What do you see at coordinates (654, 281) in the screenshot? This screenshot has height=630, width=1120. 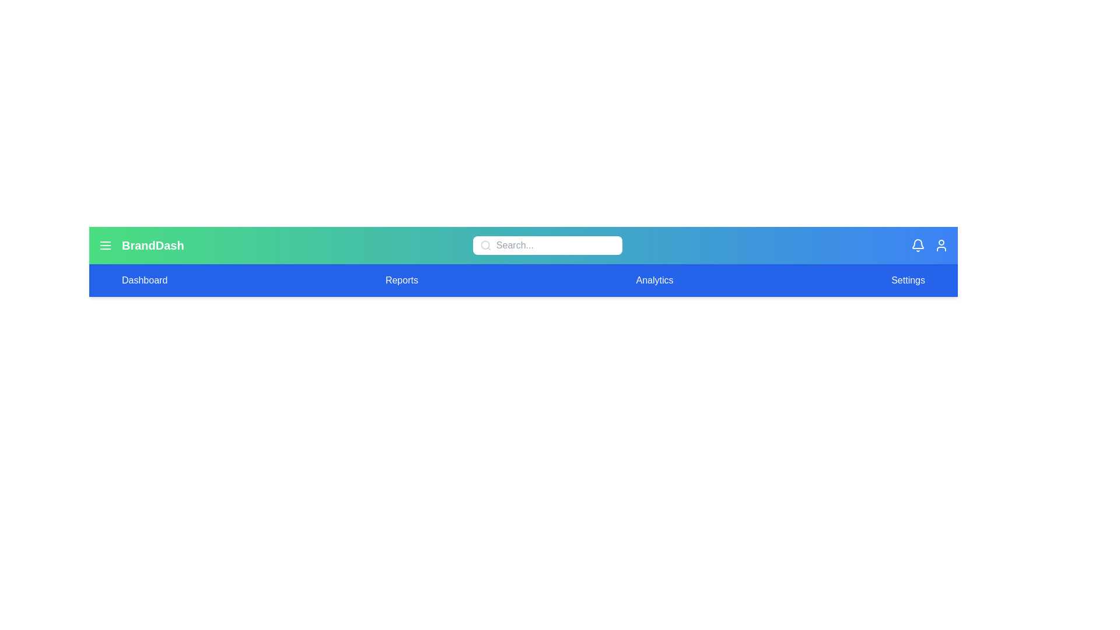 I see `the 'Analytics' tab to navigate to the Analytics section` at bounding box center [654, 281].